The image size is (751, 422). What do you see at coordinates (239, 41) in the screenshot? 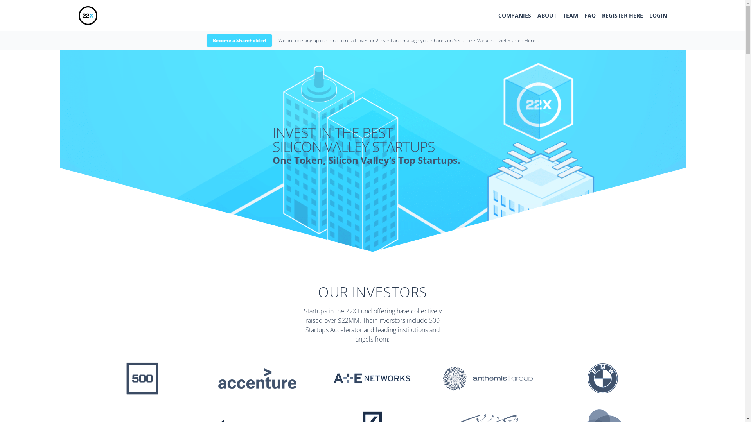
I see `'Become a Shareholder!'` at bounding box center [239, 41].